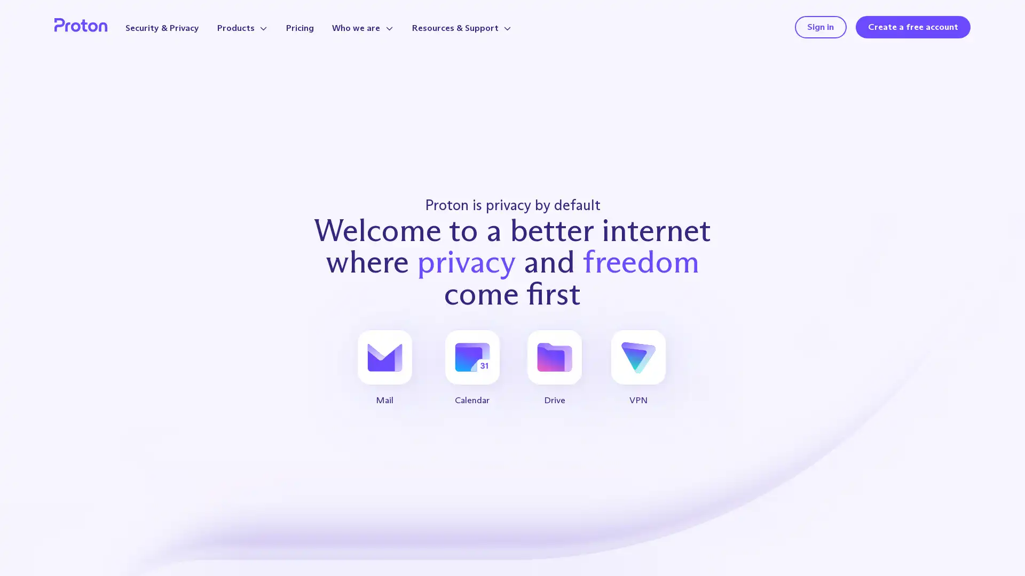 This screenshot has height=576, width=1025. Describe the element at coordinates (242, 27) in the screenshot. I see `Products` at that location.